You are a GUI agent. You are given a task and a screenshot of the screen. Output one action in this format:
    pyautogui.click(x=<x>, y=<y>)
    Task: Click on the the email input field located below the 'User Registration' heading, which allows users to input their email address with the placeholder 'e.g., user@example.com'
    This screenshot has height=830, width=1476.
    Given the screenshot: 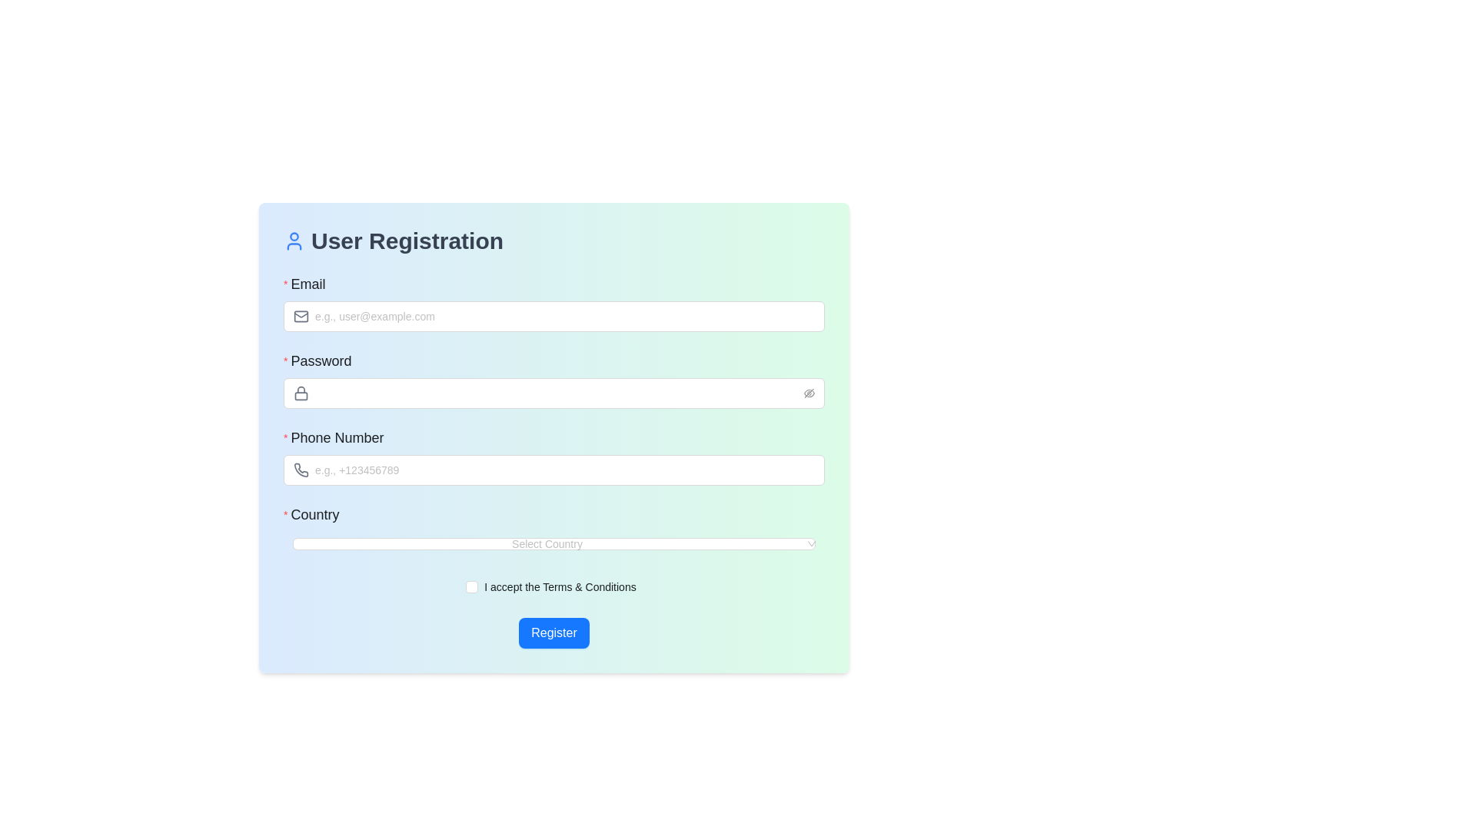 What is the action you would take?
    pyautogui.click(x=553, y=302)
    